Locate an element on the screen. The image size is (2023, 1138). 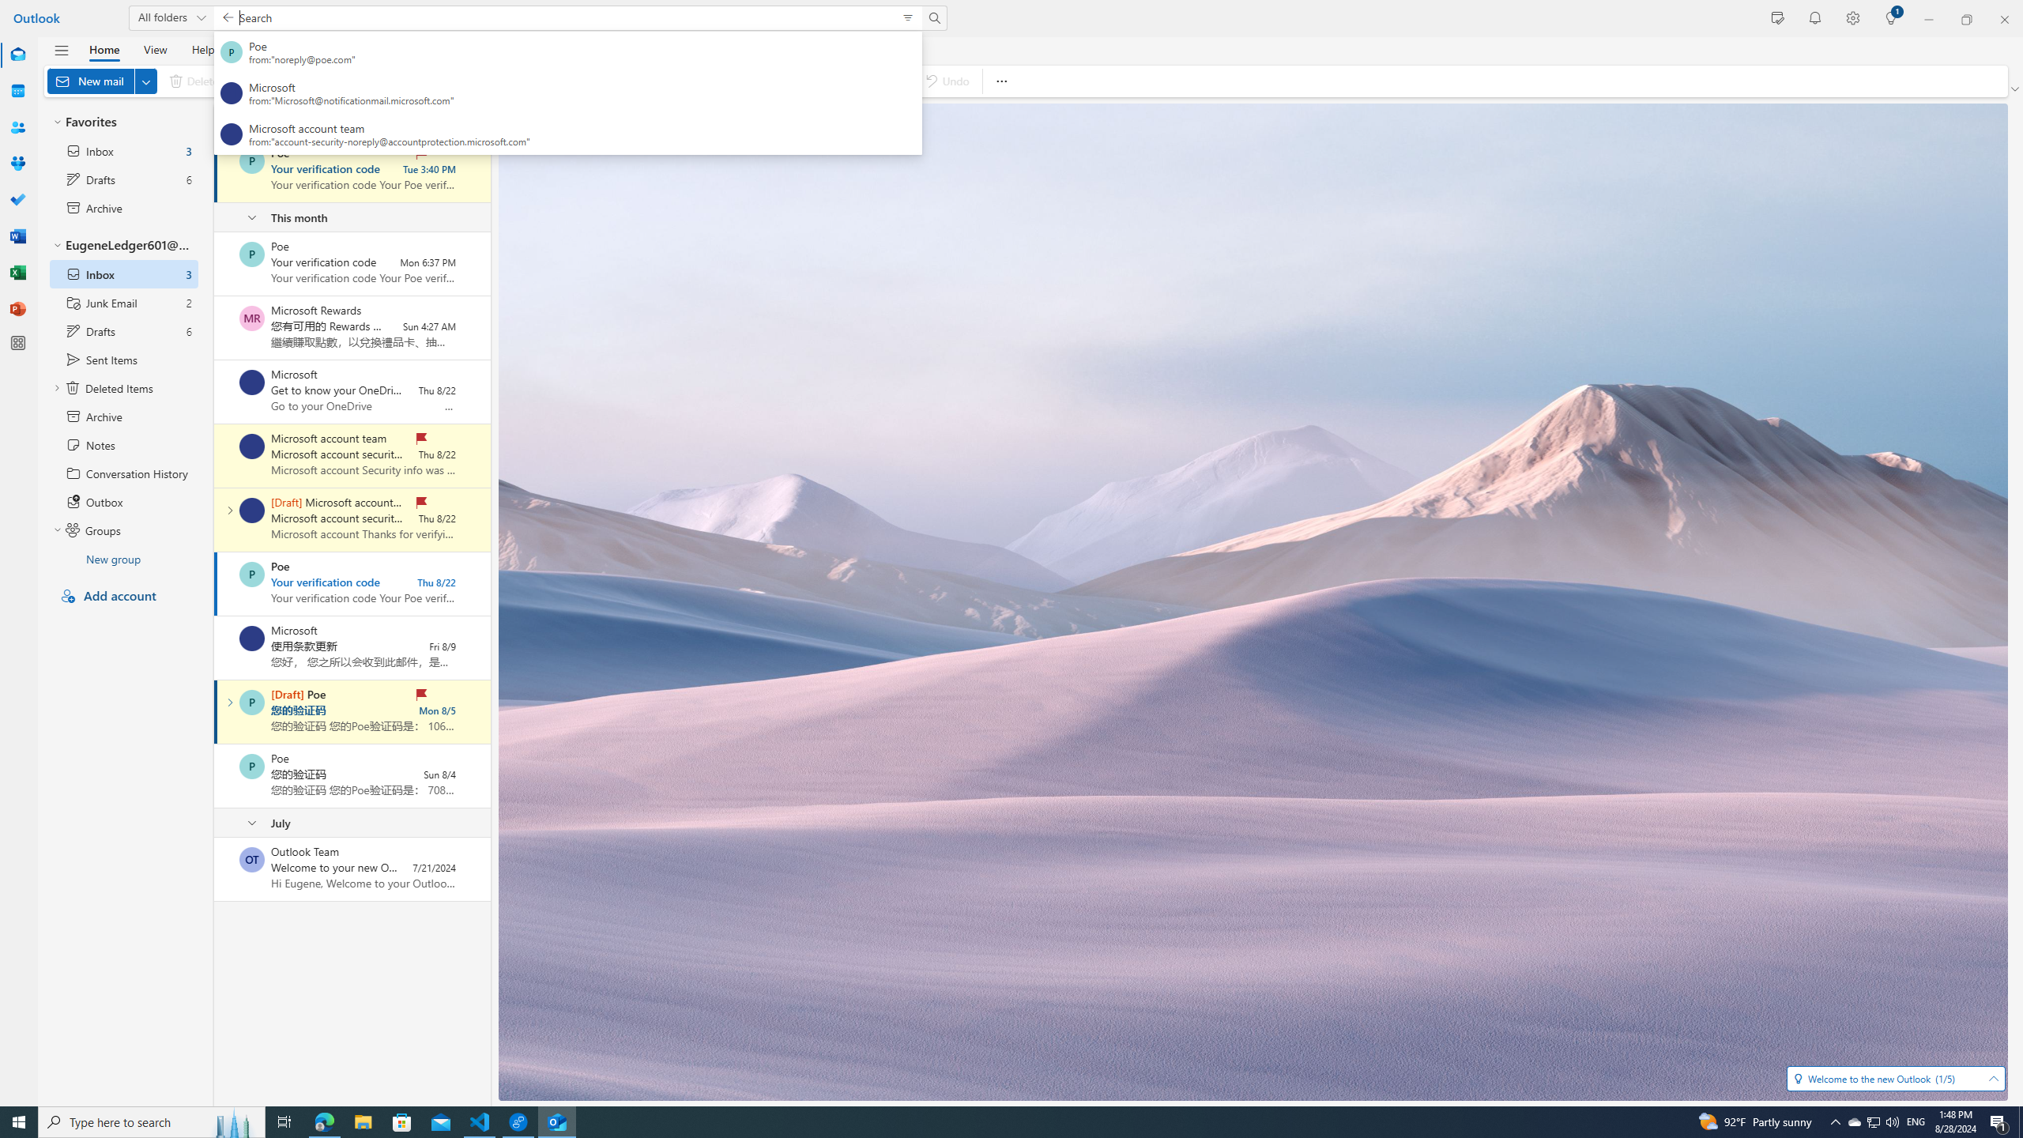
'Calendar' is located at coordinates (18, 90).